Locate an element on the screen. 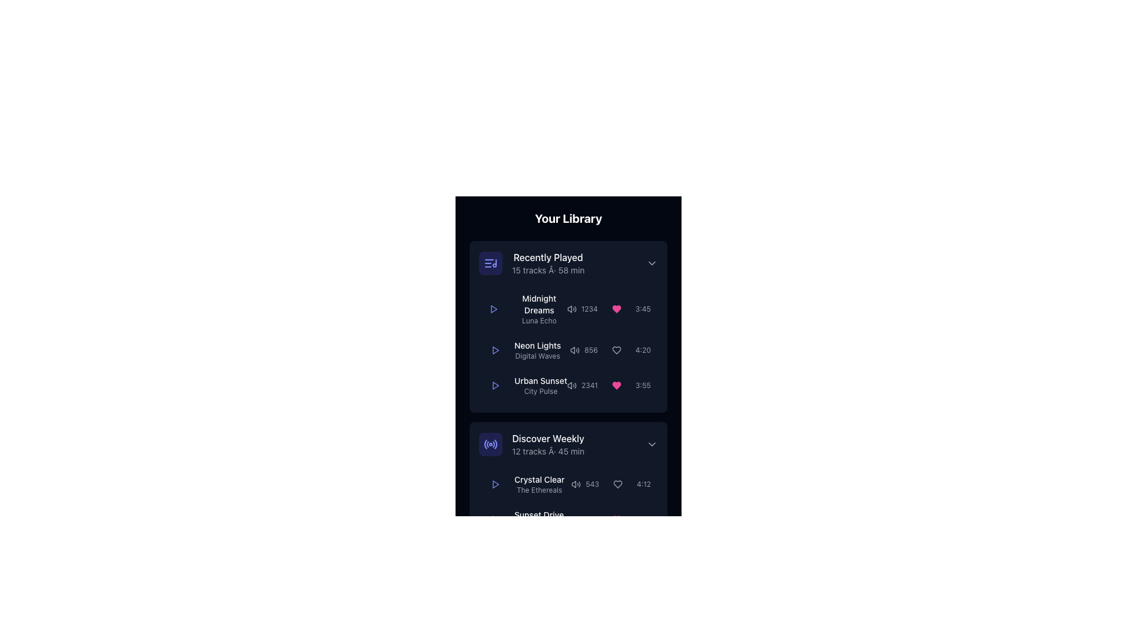 Image resolution: width=1130 pixels, height=635 pixels. text content element displaying 'Neon Lights' and 'Digital Waves' in the 'Recently Played' section, specifically the second entry in the list is located at coordinates (537, 350).